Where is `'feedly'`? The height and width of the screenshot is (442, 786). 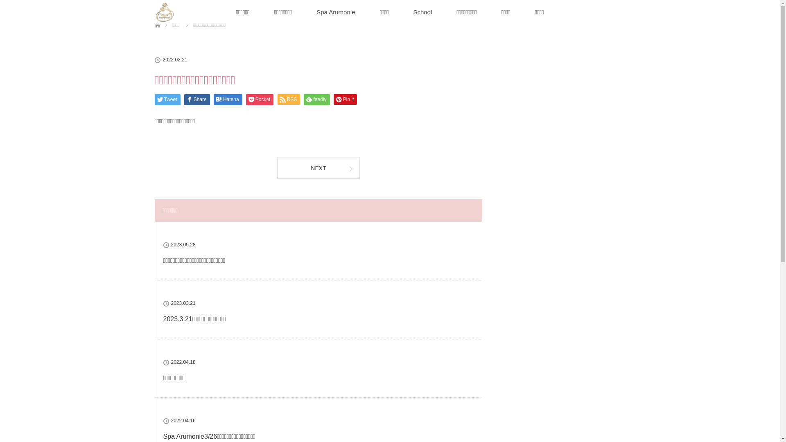
'feedly' is located at coordinates (316, 99).